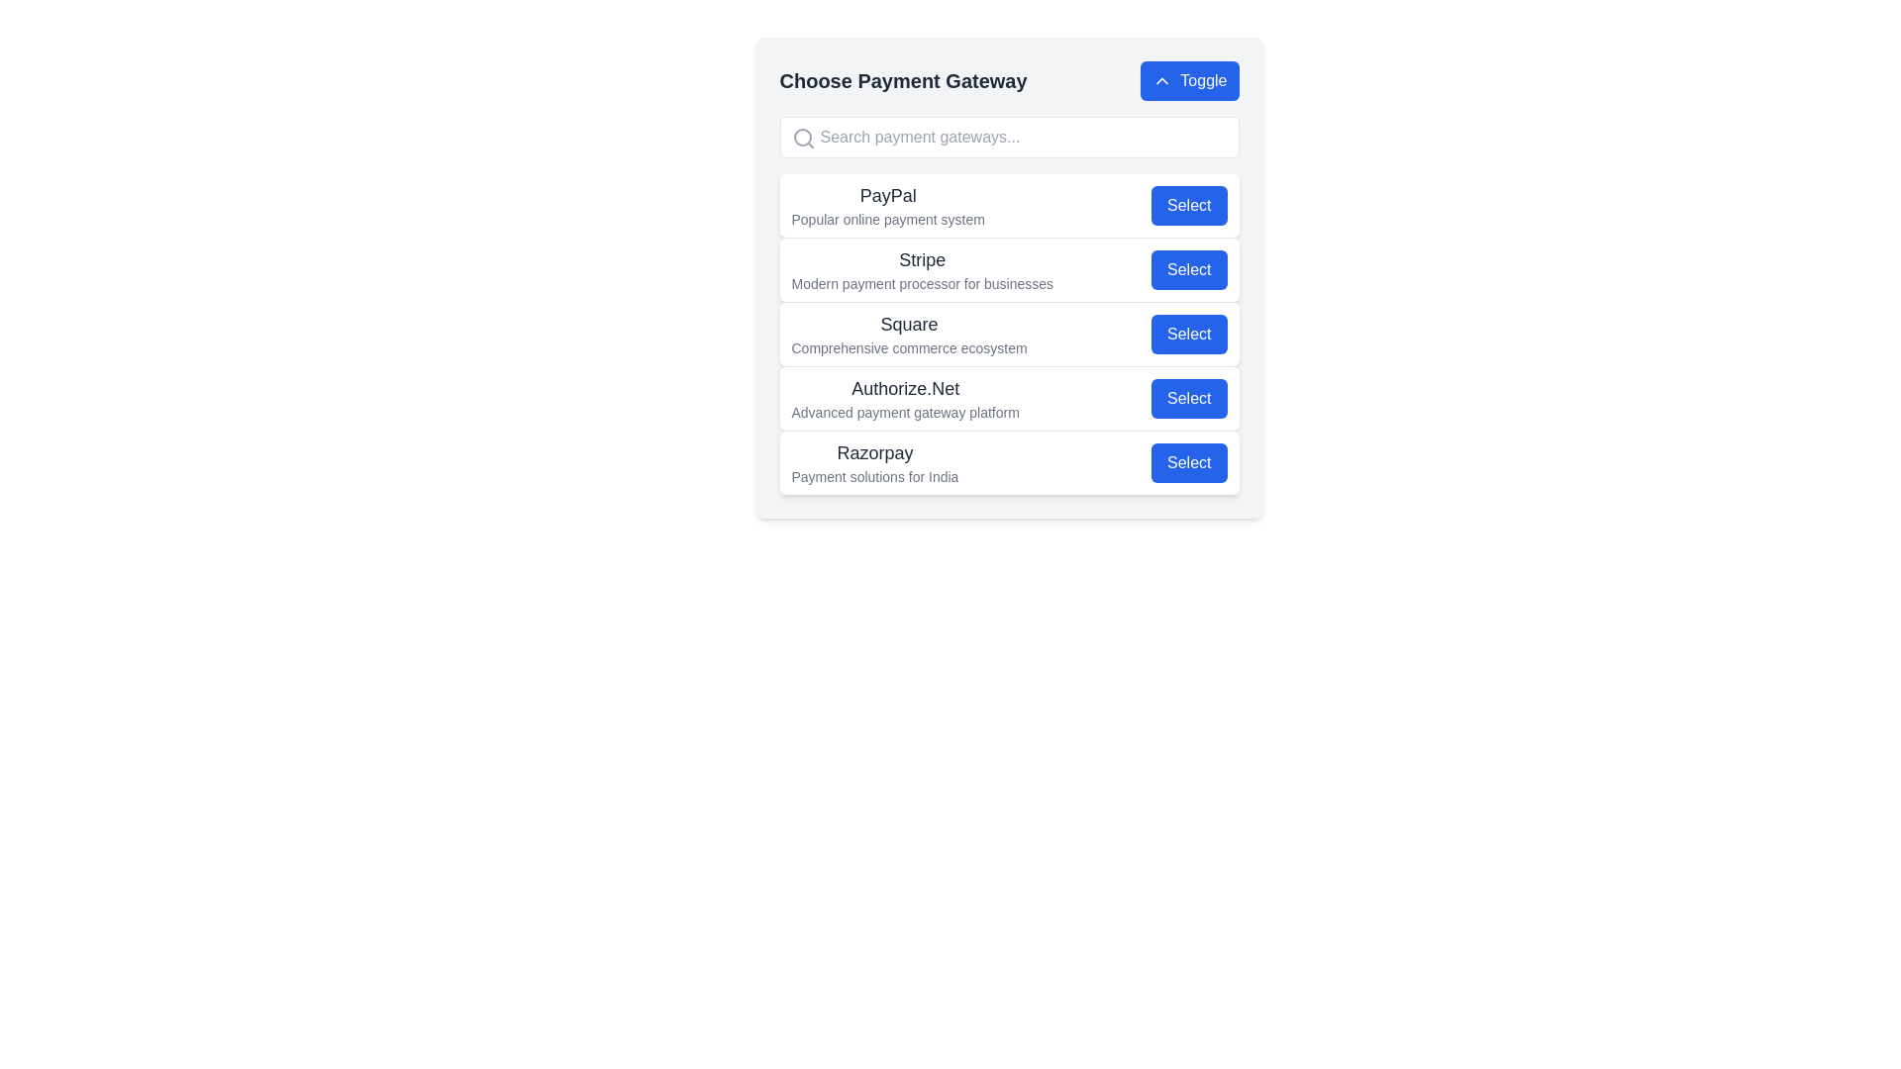 Image resolution: width=1901 pixels, height=1069 pixels. What do you see at coordinates (1188, 206) in the screenshot?
I see `the 'Select' button to confirm the PayPal payment gateway option, which is the rightmost element in the group containing the title 'PayPal' and its subtitle` at bounding box center [1188, 206].